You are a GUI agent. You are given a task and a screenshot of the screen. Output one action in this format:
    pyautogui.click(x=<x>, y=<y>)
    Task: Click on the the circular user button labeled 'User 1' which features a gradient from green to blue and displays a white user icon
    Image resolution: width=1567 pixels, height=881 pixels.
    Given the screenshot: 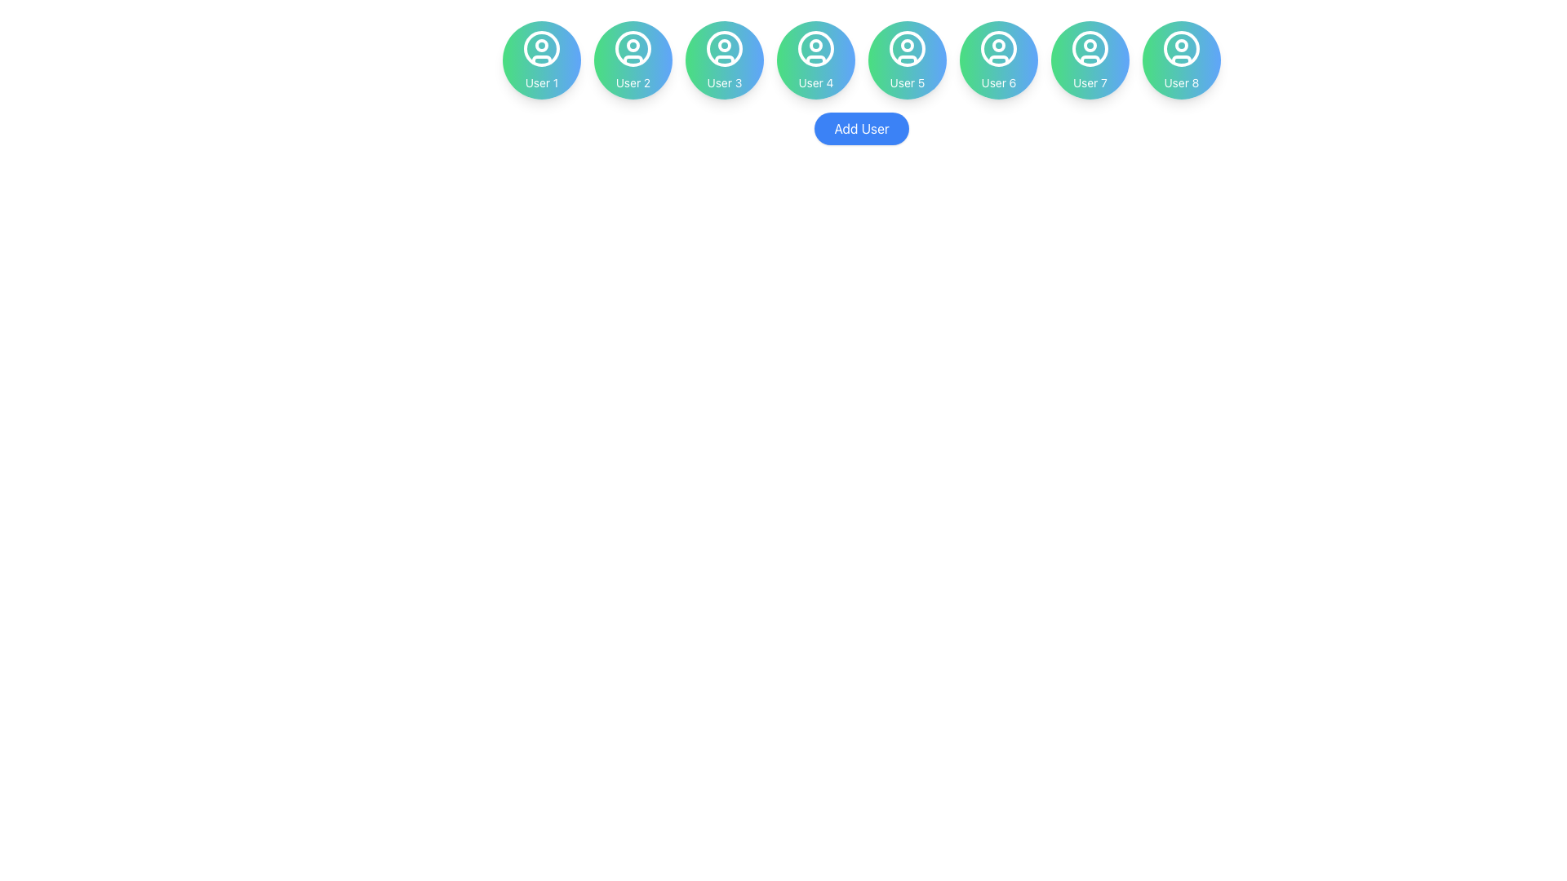 What is the action you would take?
    pyautogui.click(x=541, y=59)
    